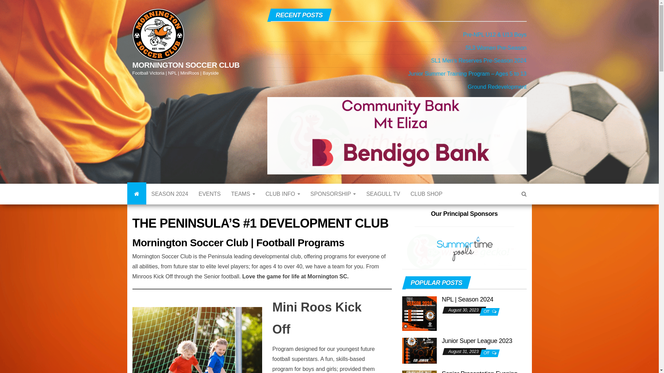  What do you see at coordinates (405, 203) in the screenshot?
I see `'CLUB SHOP'` at bounding box center [405, 203].